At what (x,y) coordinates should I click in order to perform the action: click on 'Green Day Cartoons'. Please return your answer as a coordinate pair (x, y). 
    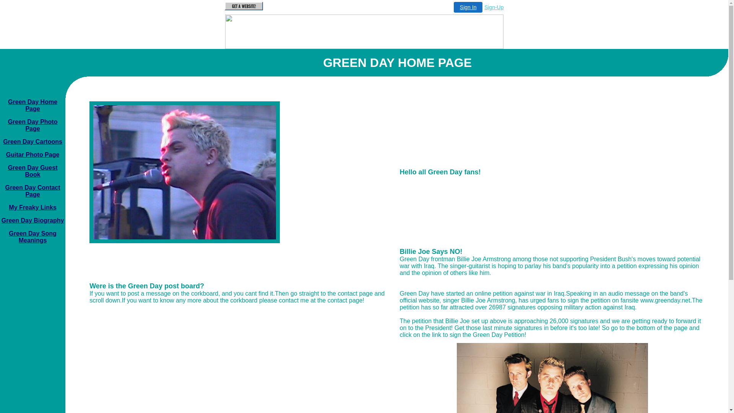
    Looking at the image, I should click on (3, 141).